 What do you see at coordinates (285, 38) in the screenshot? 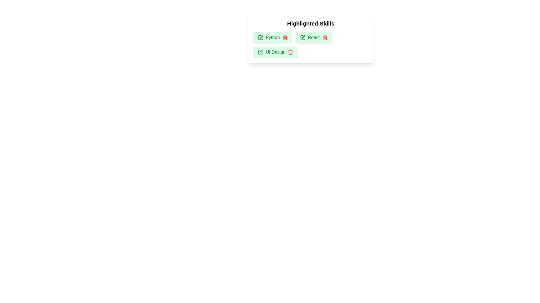
I see `delete icon for the skill Python` at bounding box center [285, 38].